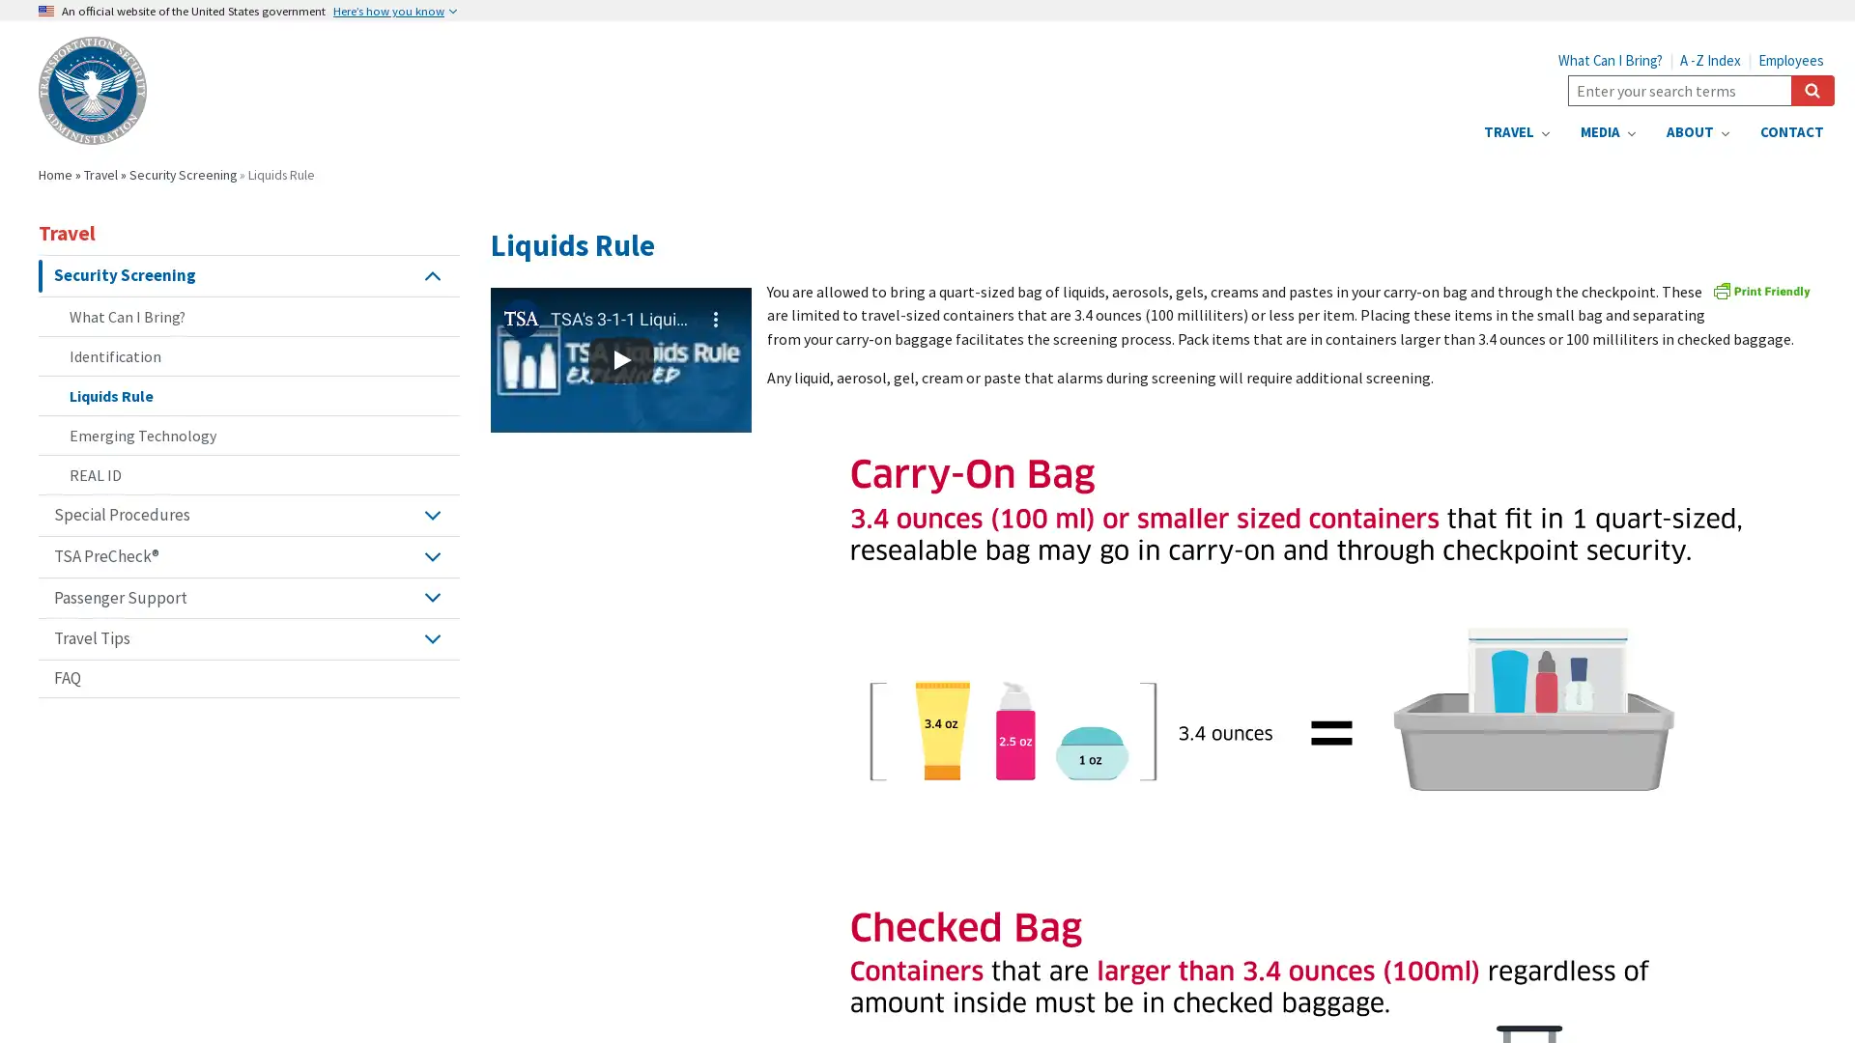 Image resolution: width=1855 pixels, height=1043 pixels. I want to click on MEDIA, so click(1608, 131).